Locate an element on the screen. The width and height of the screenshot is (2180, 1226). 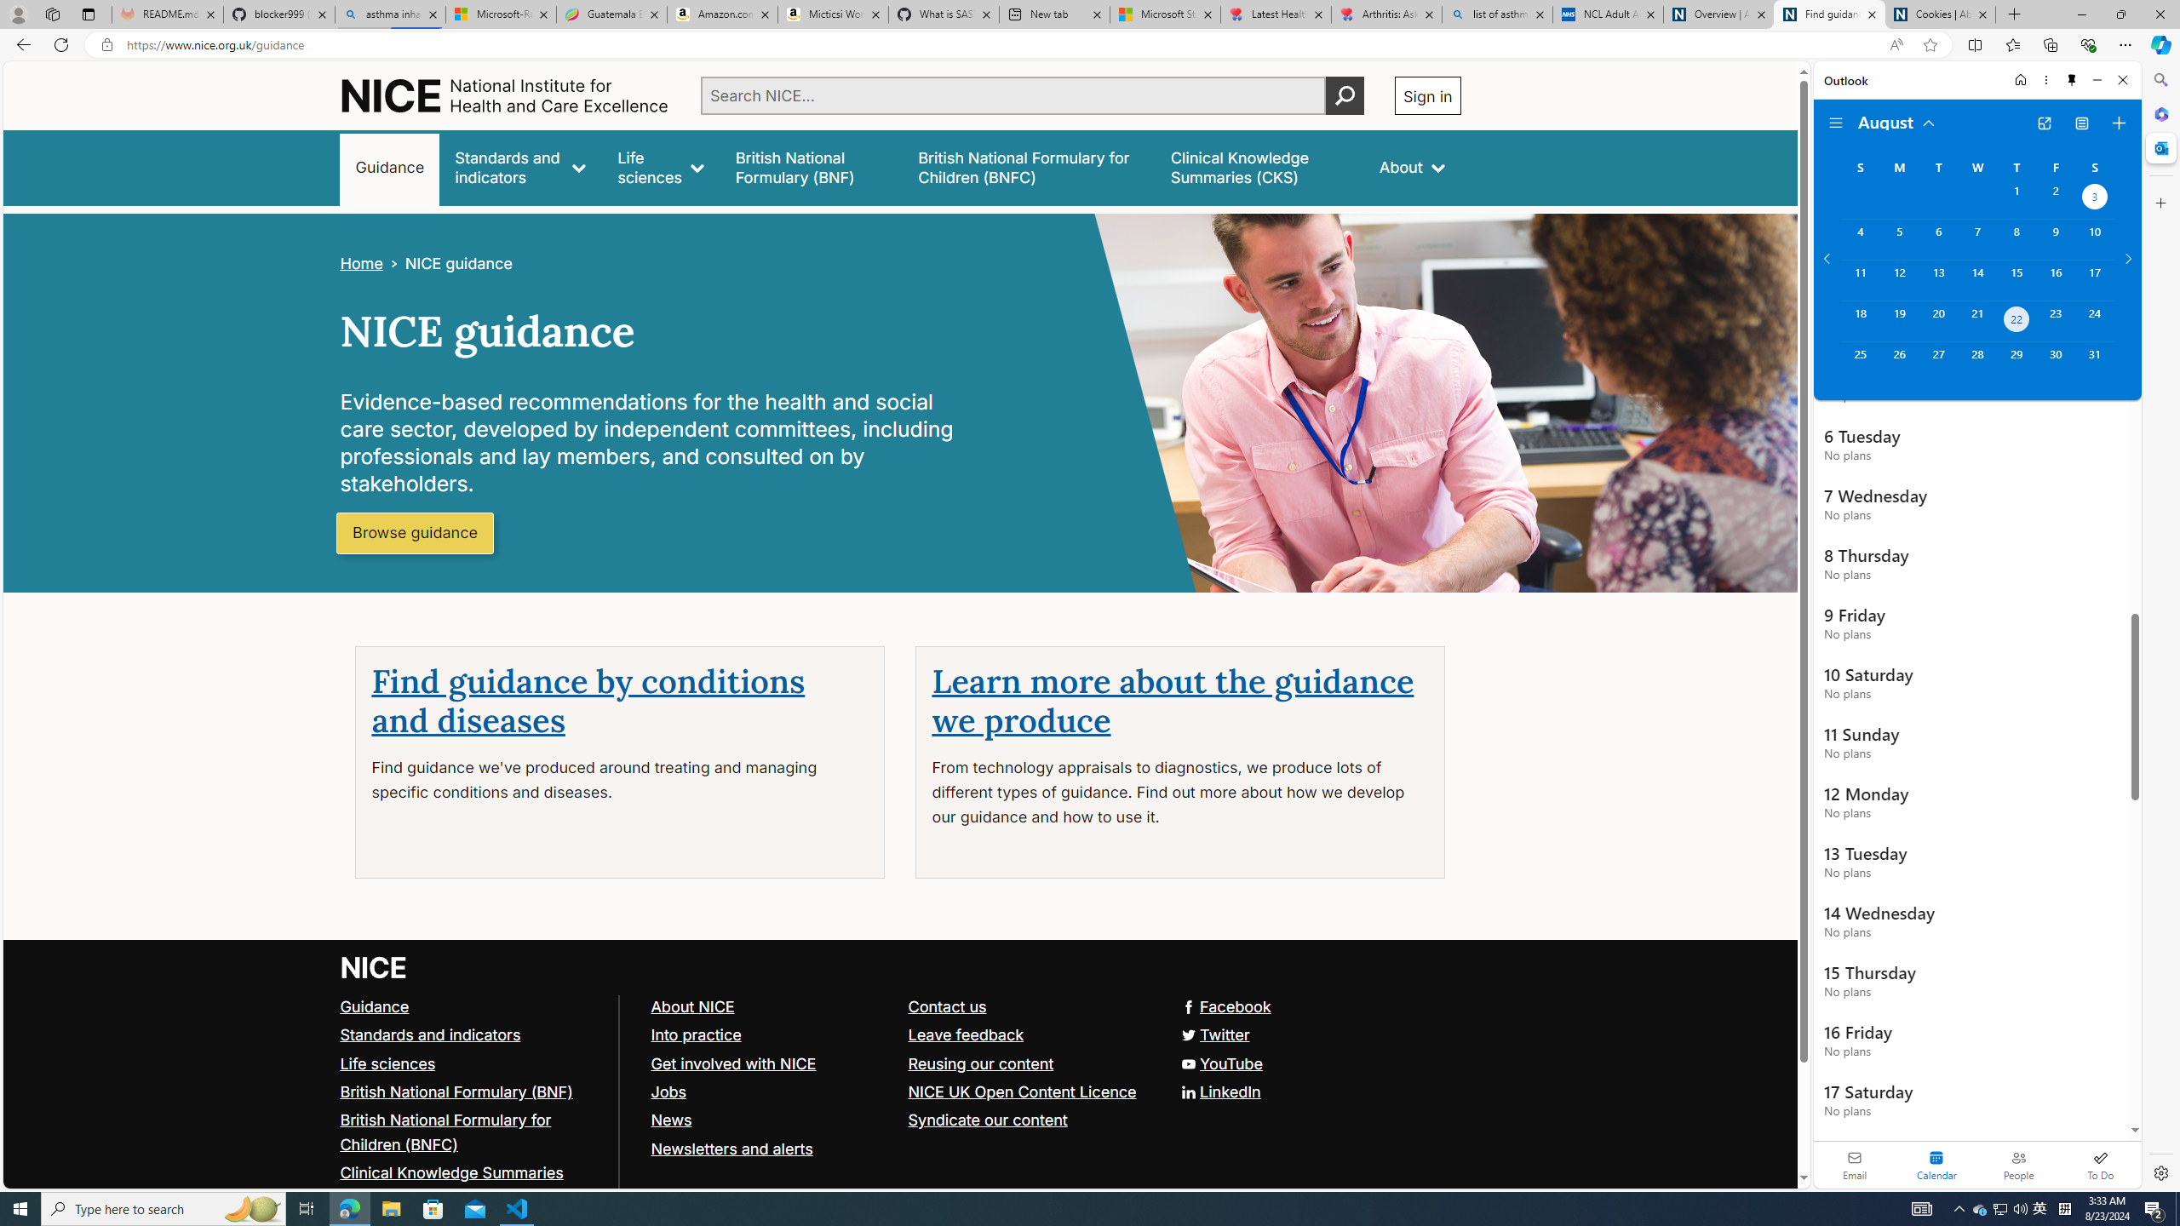
'Friday, August 30, 2024. ' is located at coordinates (2055, 362).